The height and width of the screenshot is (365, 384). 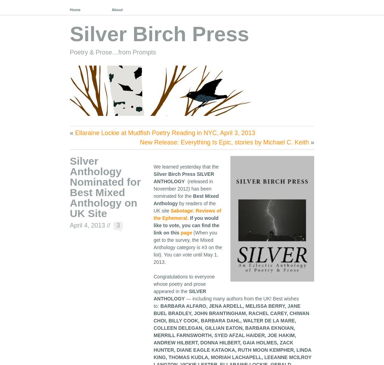 I want to click on 'Silver Birch Press SILVER ANTHOLOGY', so click(x=153, y=177).